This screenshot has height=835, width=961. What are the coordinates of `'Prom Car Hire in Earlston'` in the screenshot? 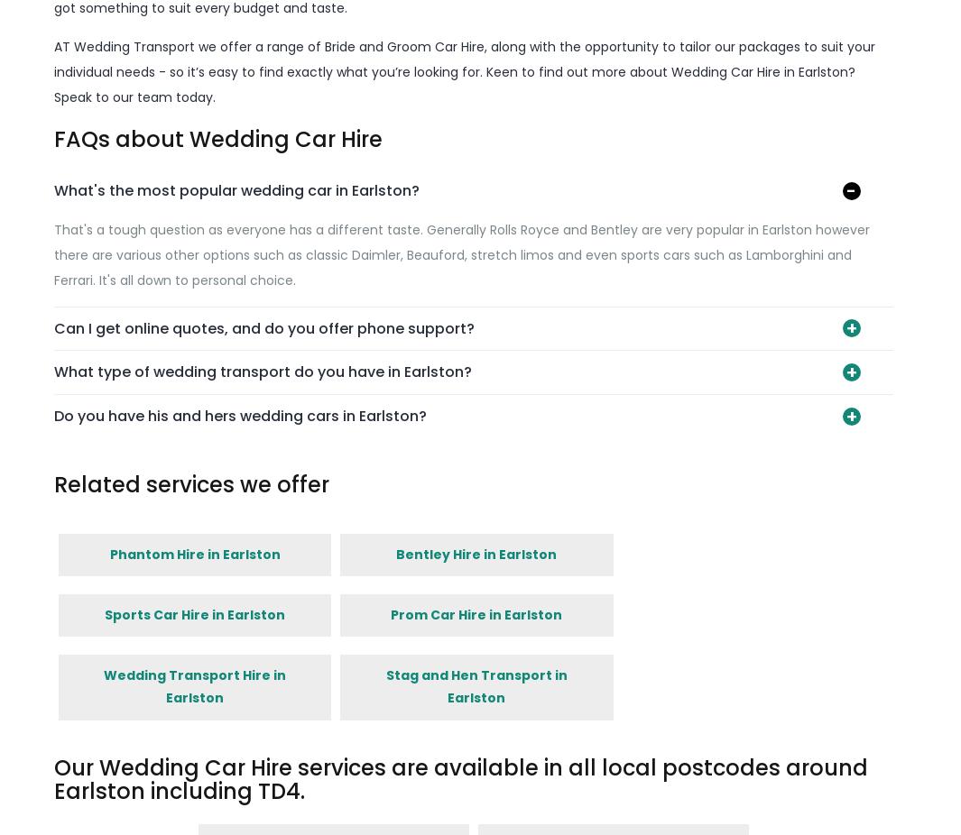 It's located at (476, 612).